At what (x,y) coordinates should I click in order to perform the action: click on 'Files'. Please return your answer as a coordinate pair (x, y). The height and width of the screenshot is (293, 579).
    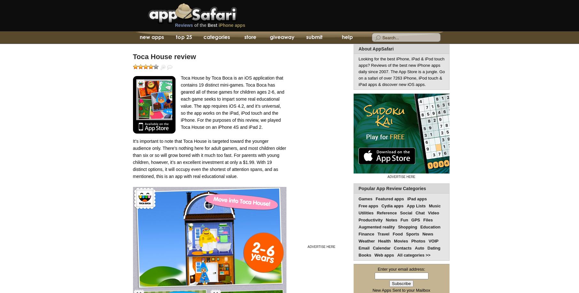
    Looking at the image, I should click on (427, 220).